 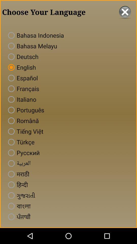 What do you see at coordinates (22, 57) in the screenshot?
I see `the deutsch` at bounding box center [22, 57].